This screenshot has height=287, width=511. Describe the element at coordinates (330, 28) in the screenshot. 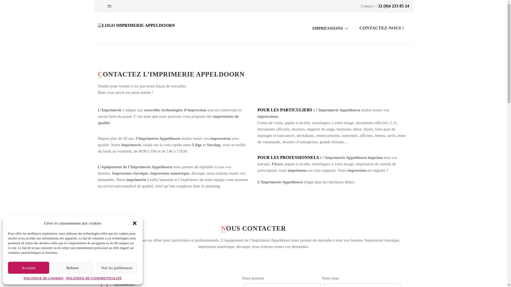

I see `'IMPRESSIONS'` at that location.